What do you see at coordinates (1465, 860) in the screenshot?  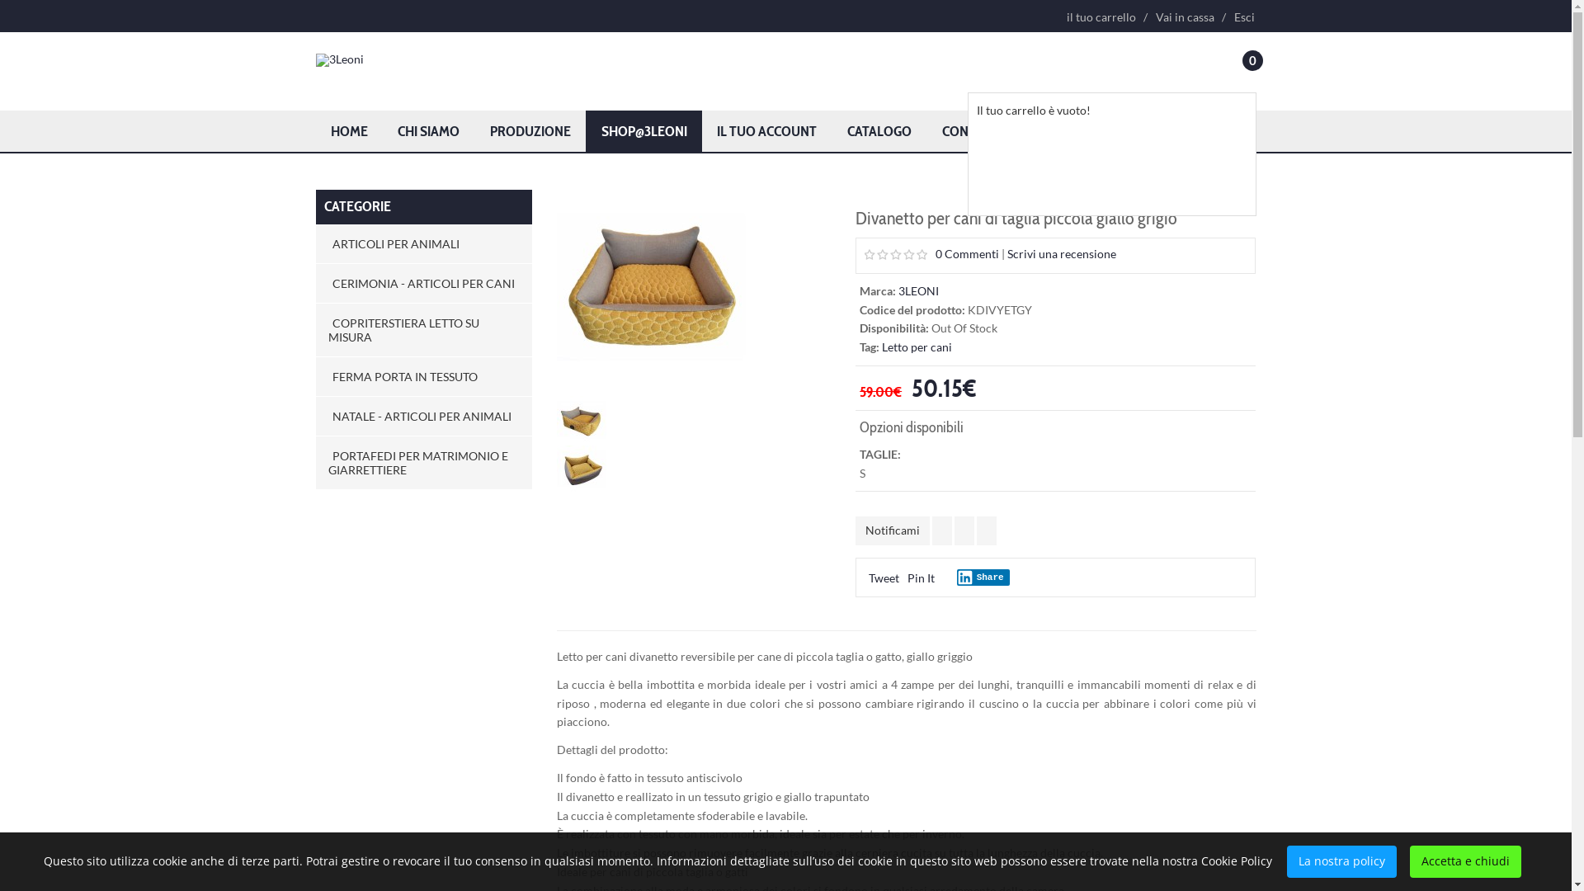 I see `'Accetta e chiudi'` at bounding box center [1465, 860].